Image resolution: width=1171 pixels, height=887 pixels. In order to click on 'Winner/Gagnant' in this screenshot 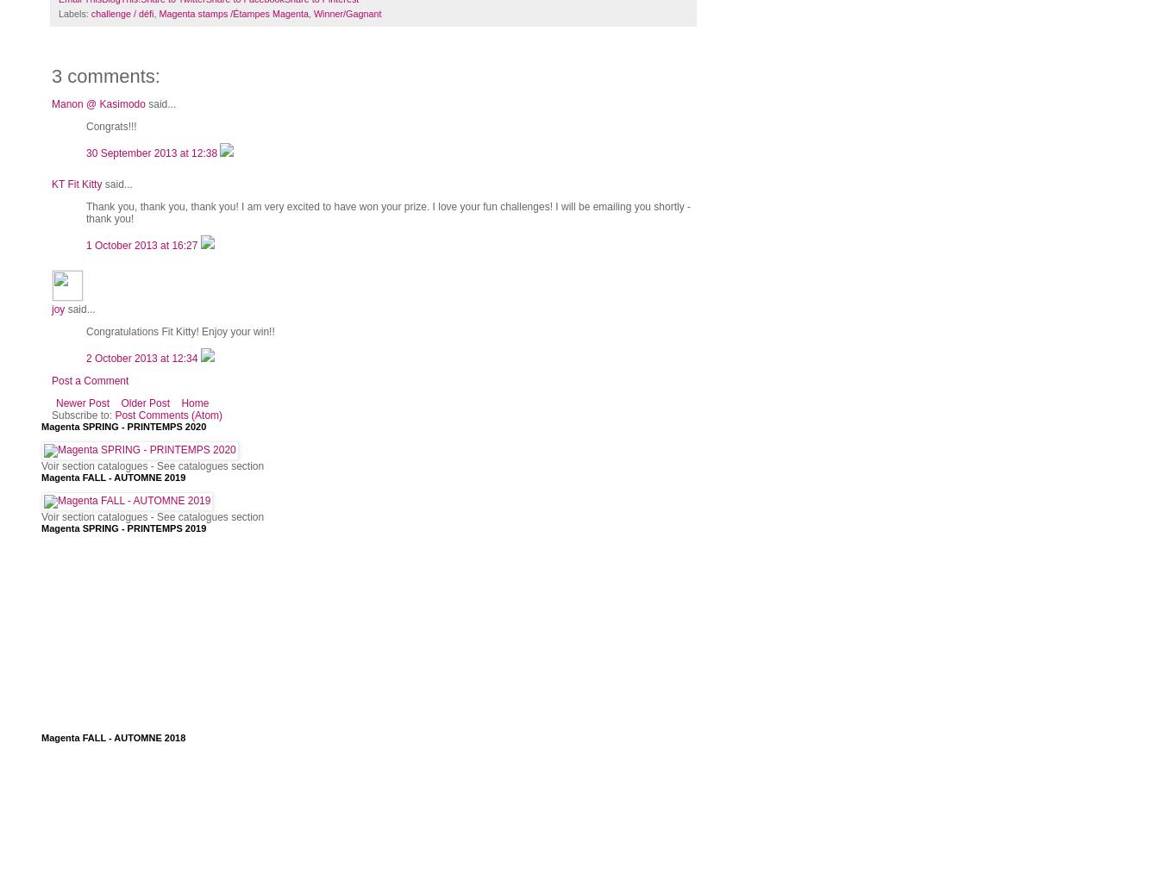, I will do `click(346, 13)`.